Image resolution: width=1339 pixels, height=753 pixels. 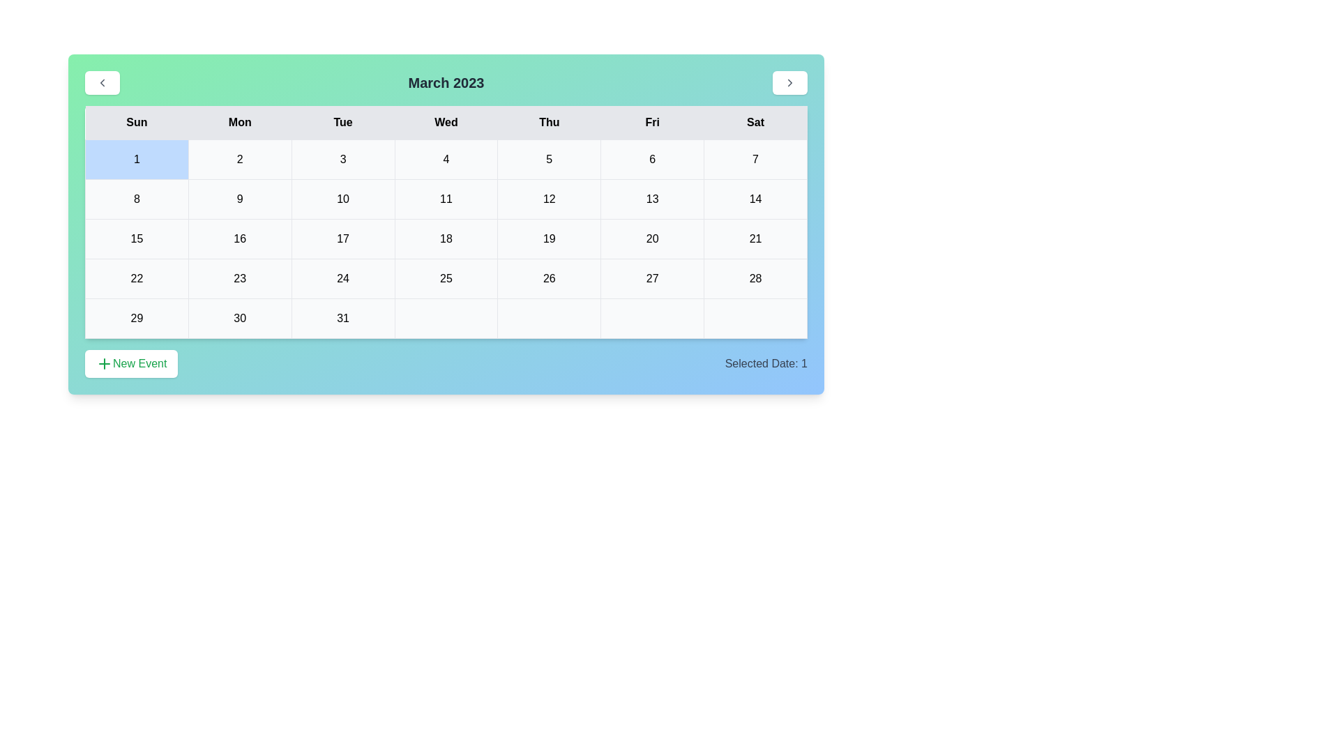 What do you see at coordinates (755, 199) in the screenshot?
I see `the cell representing the date 14 in the calendar` at bounding box center [755, 199].